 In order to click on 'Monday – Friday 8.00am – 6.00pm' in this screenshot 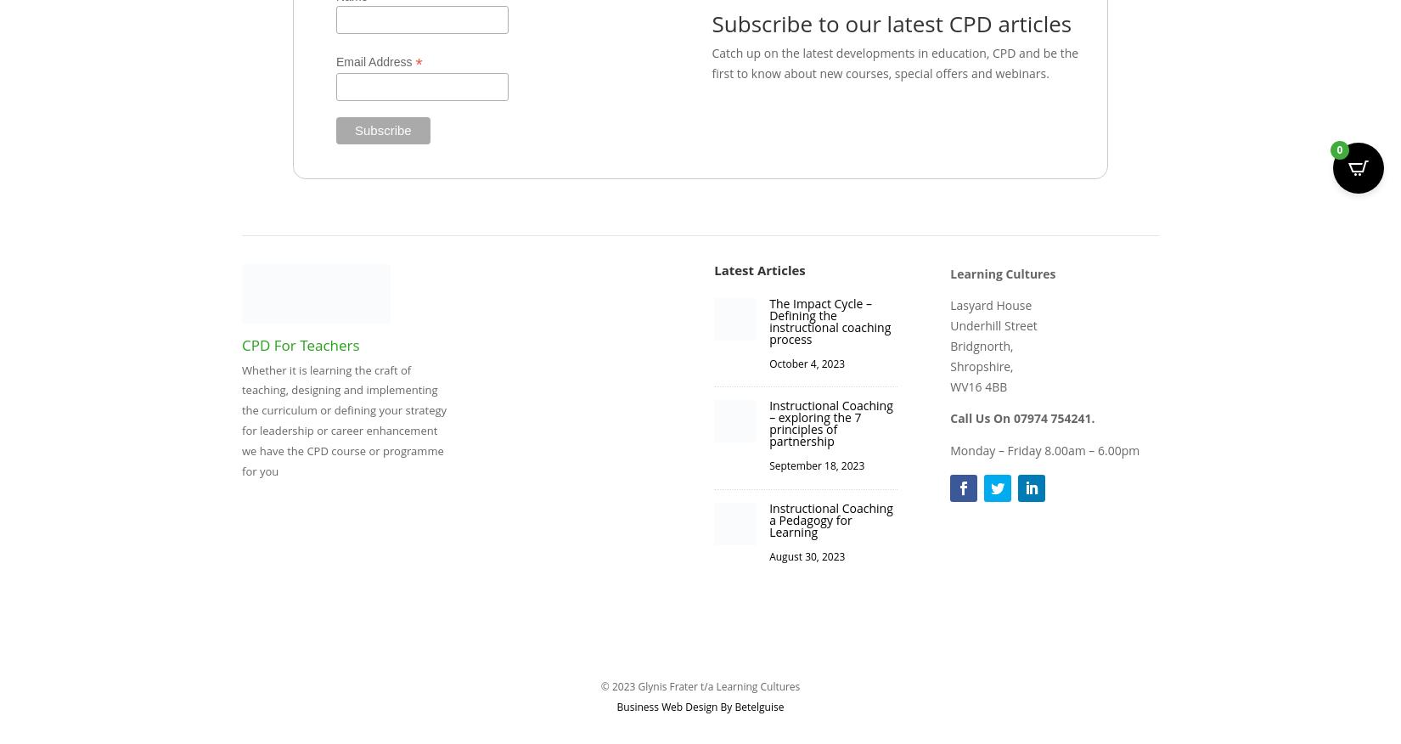, I will do `click(950, 450)`.